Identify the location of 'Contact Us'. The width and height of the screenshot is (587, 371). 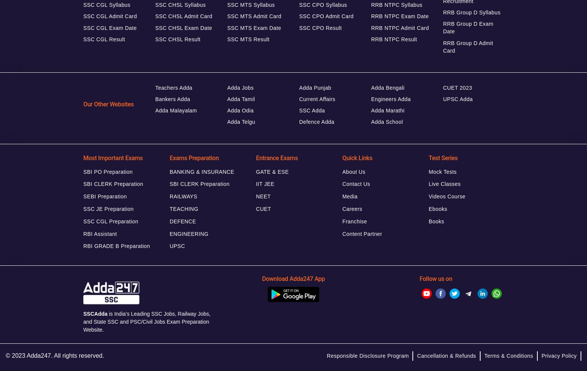
(356, 184).